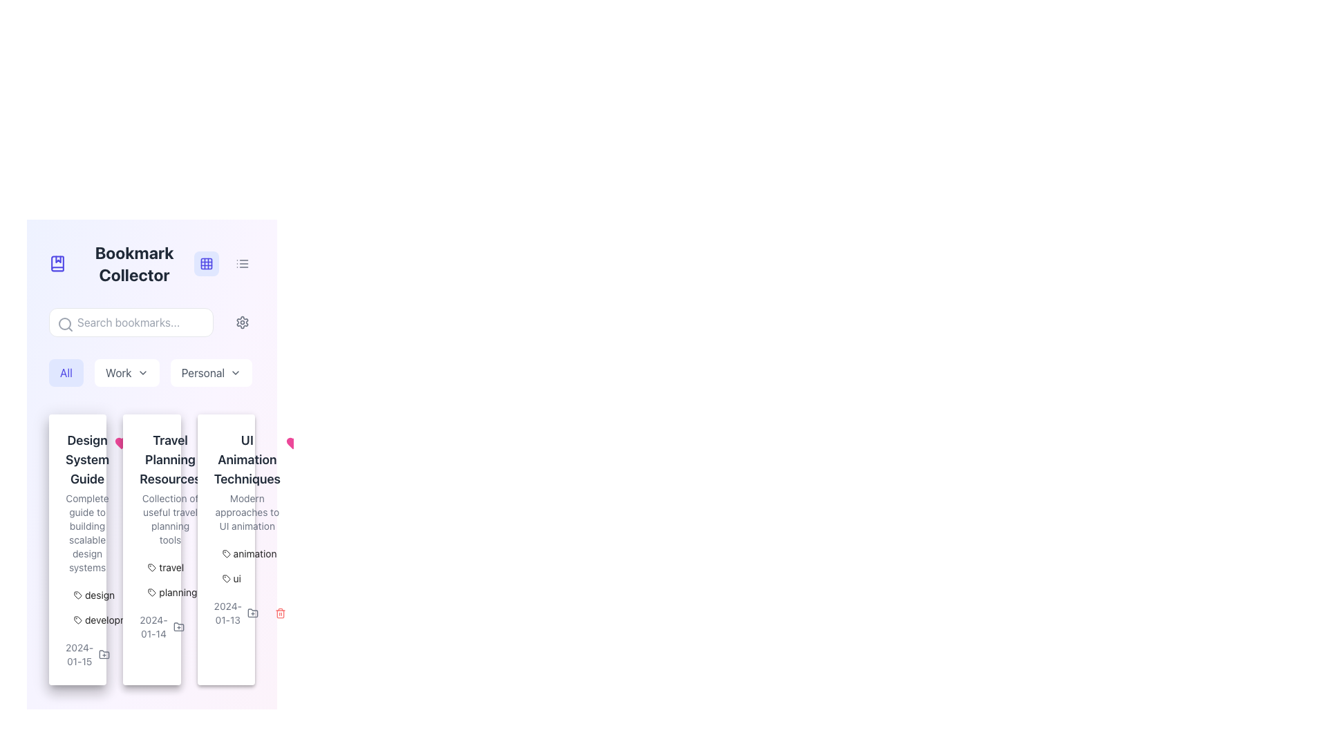 The image size is (1327, 746). What do you see at coordinates (169, 519) in the screenshot?
I see `text block containing the phrase 'Collection of useful travel planning tools,' located under the heading 'Travel Planning Resources' in the second card from the left` at bounding box center [169, 519].